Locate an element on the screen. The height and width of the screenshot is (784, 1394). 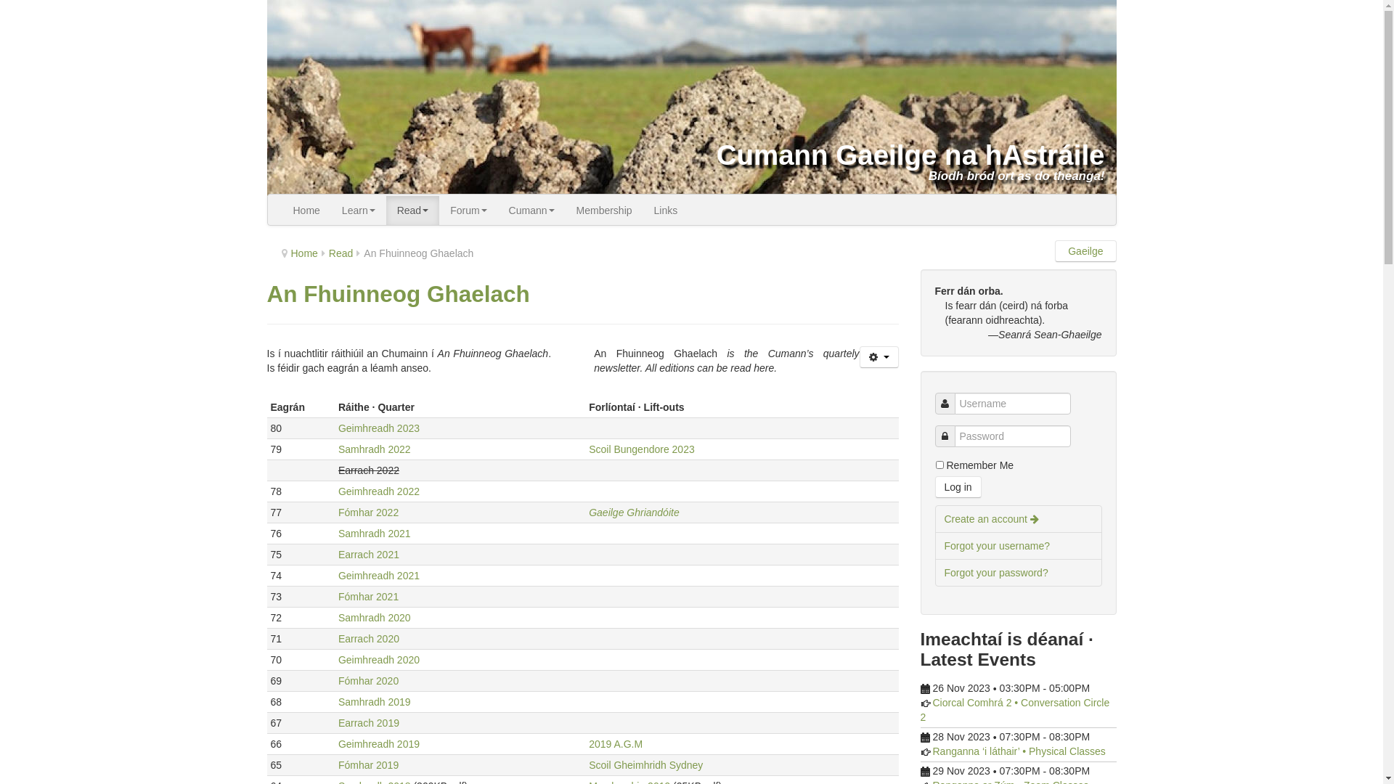
'2019 A.G.M' is located at coordinates (616, 744).